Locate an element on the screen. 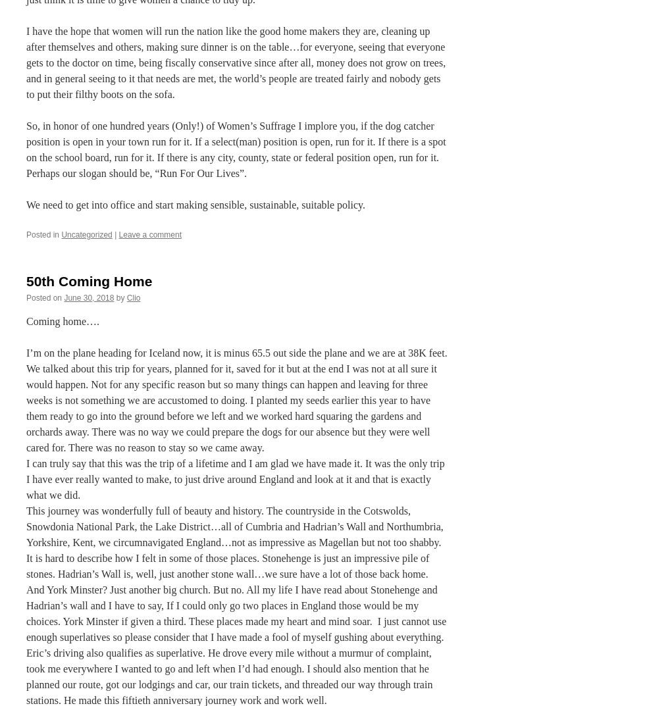  'Posted on' is located at coordinates (44, 297).